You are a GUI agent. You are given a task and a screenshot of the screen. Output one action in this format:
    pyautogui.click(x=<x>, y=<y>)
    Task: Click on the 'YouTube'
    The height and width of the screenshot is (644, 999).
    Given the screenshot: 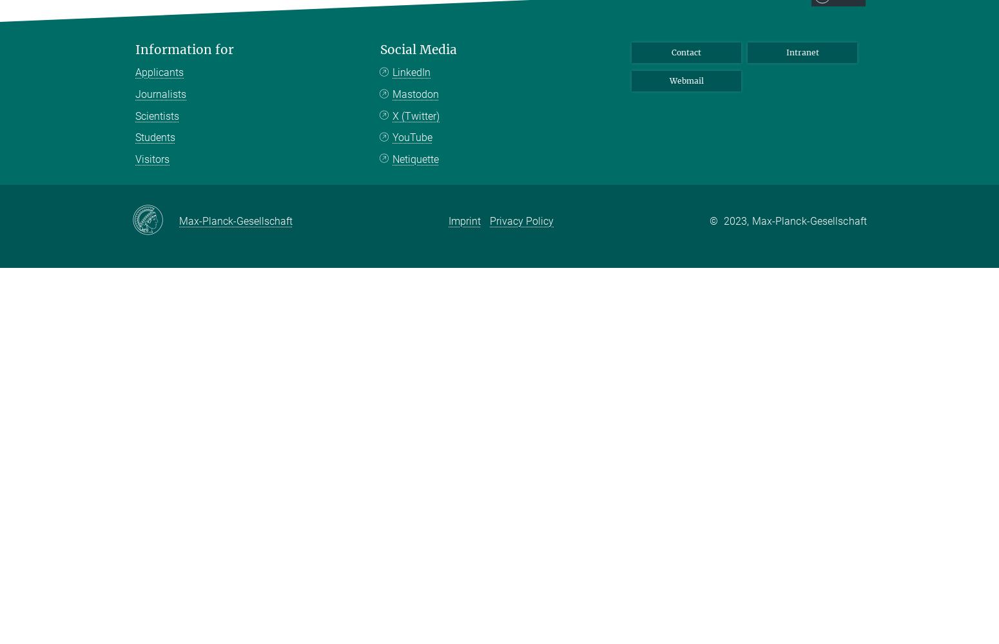 What is the action you would take?
    pyautogui.click(x=411, y=137)
    